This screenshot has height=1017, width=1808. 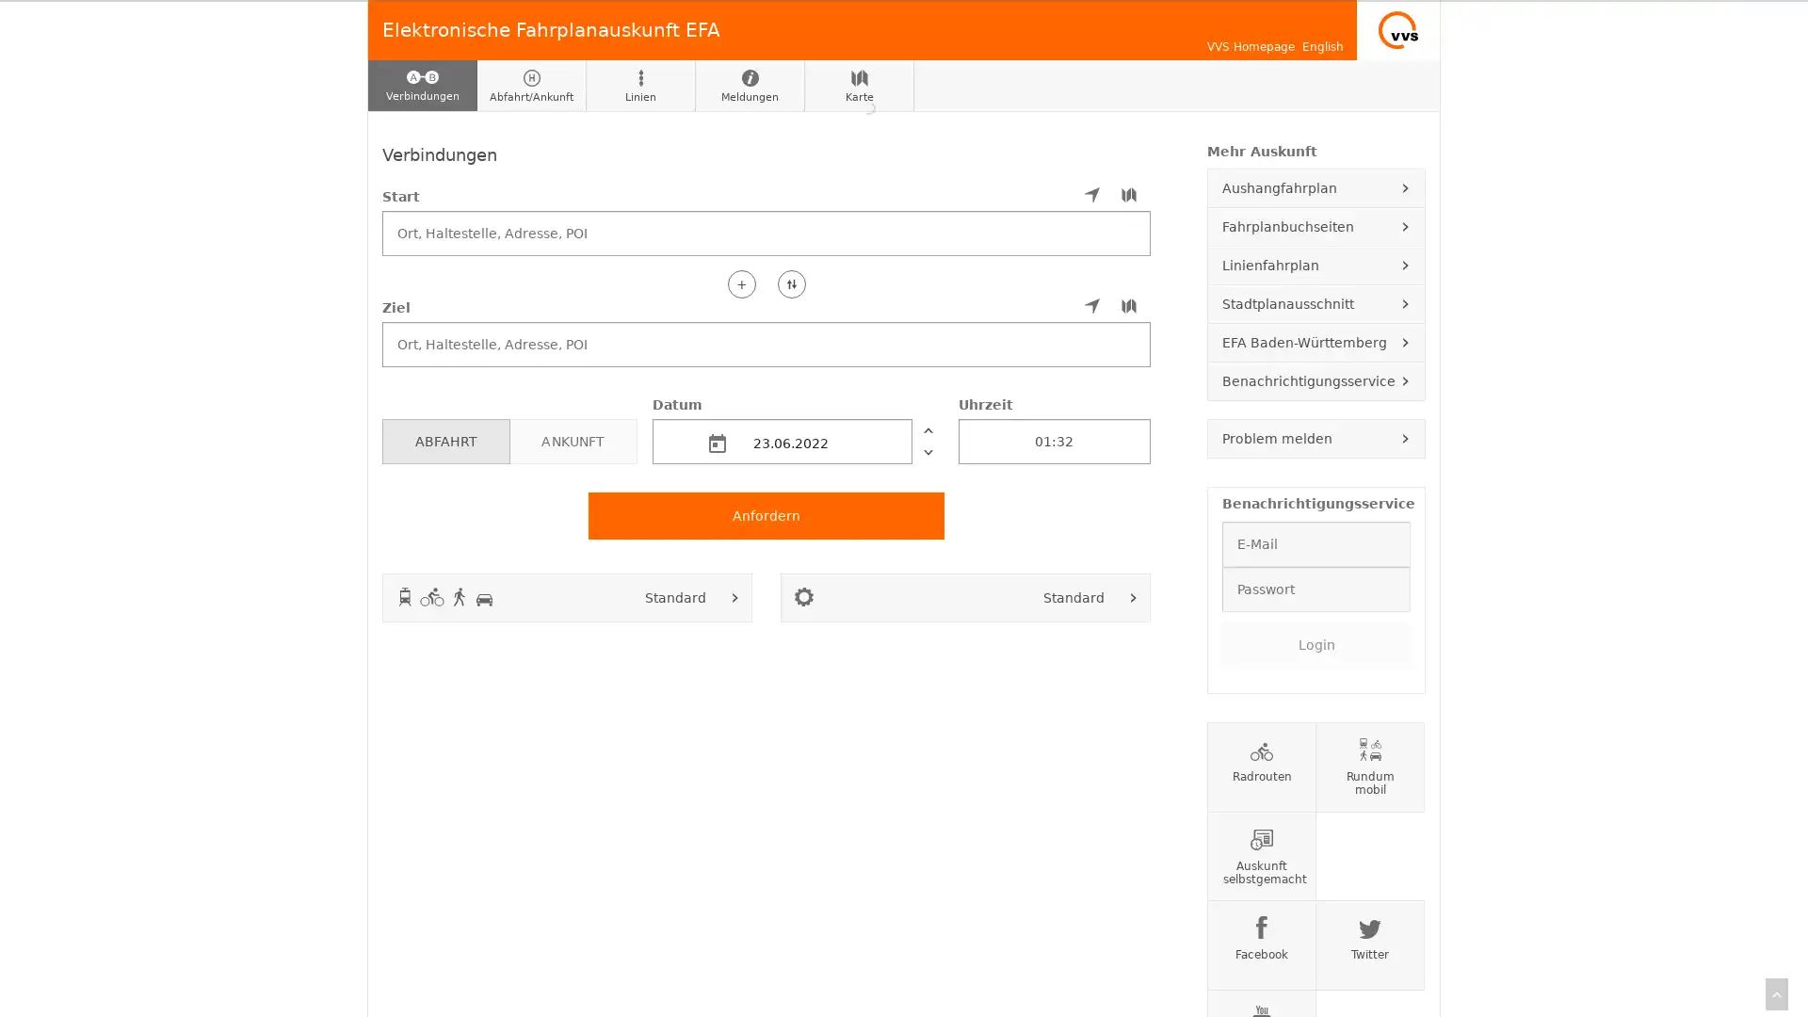 What do you see at coordinates (422, 86) in the screenshot?
I see `Verbindungen` at bounding box center [422, 86].